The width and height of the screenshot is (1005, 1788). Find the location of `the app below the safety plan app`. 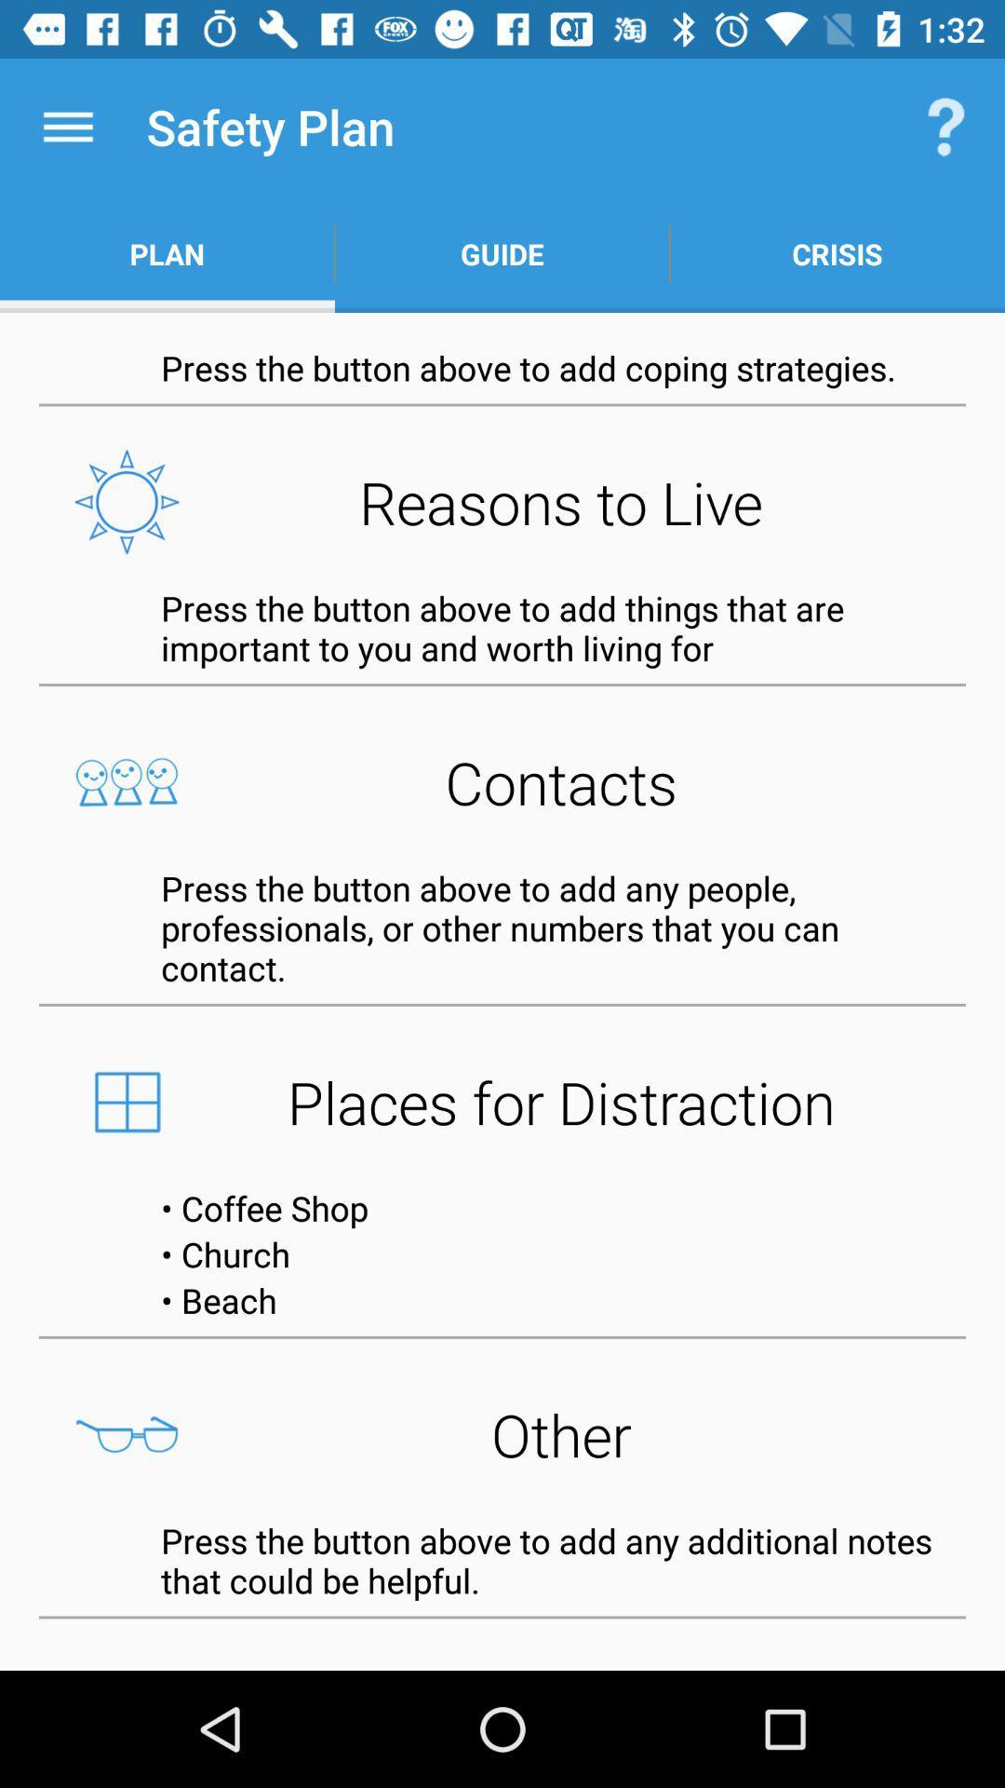

the app below the safety plan app is located at coordinates (502, 253).